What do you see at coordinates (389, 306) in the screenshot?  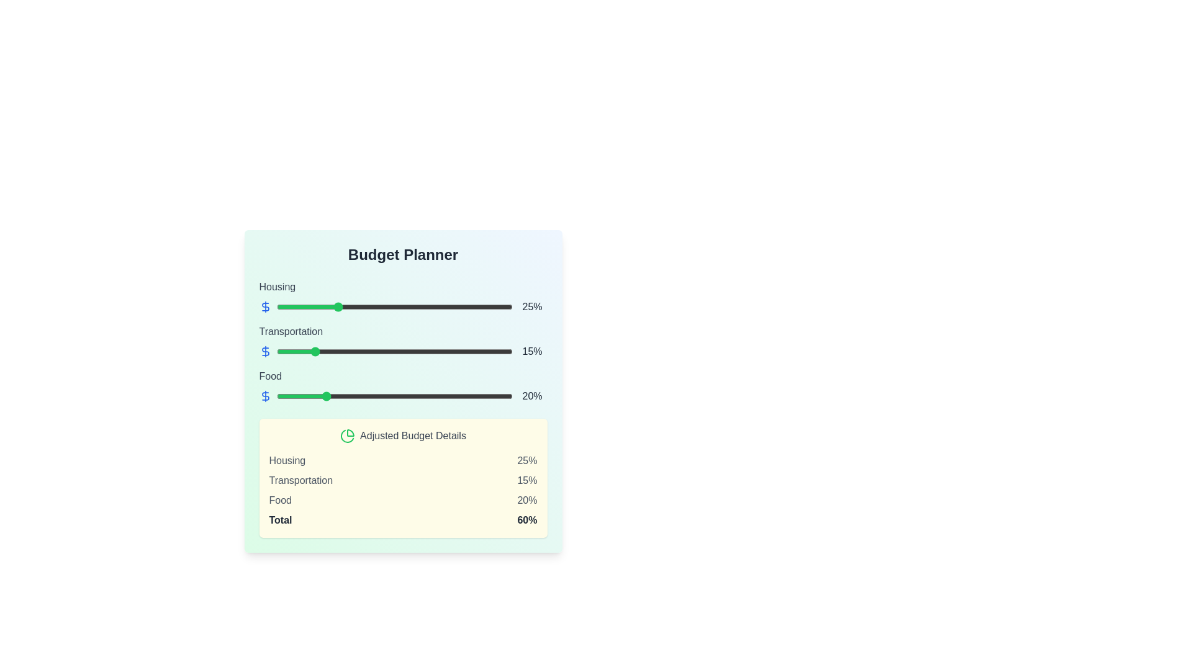 I see `the housing budget slider` at bounding box center [389, 306].